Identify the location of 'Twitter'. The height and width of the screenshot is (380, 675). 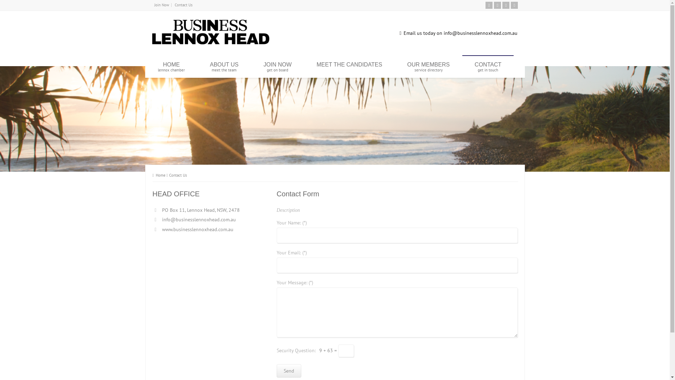
(497, 5).